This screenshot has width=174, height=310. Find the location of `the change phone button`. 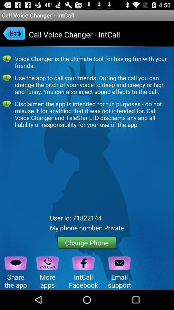

the change phone button is located at coordinates (87, 242).